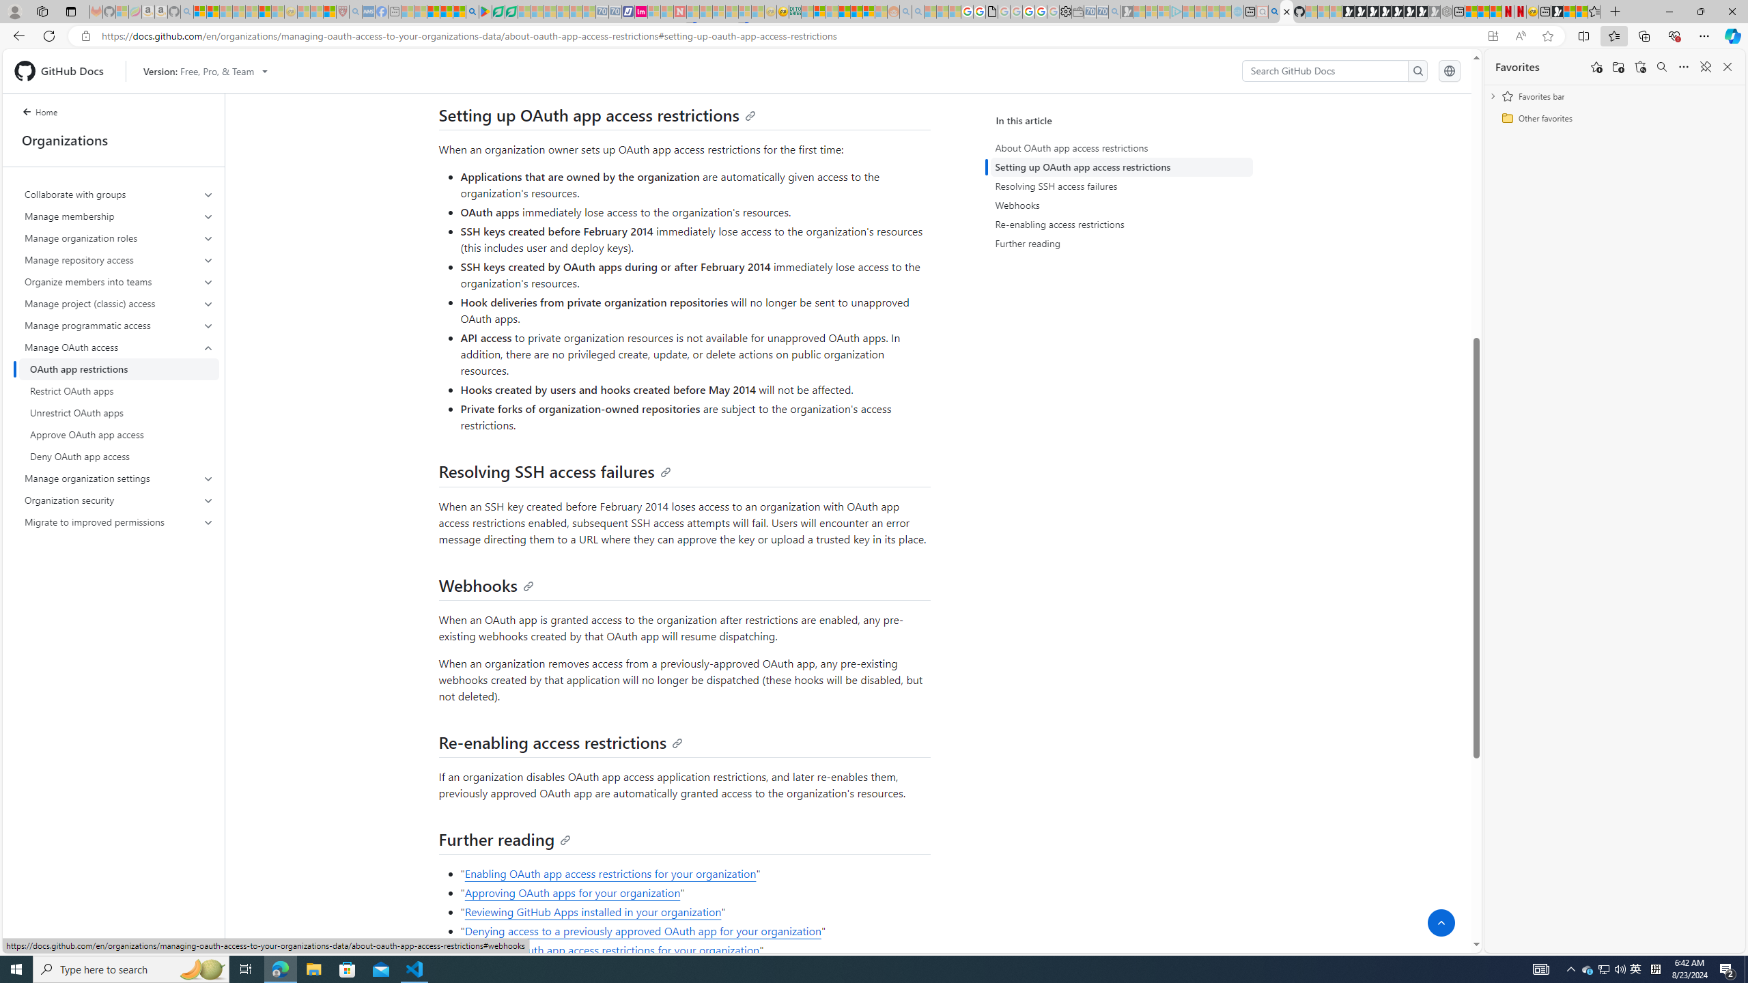  What do you see at coordinates (512, 11) in the screenshot?
I see `'Microsoft Word - consumer-privacy address update 2.2021'` at bounding box center [512, 11].